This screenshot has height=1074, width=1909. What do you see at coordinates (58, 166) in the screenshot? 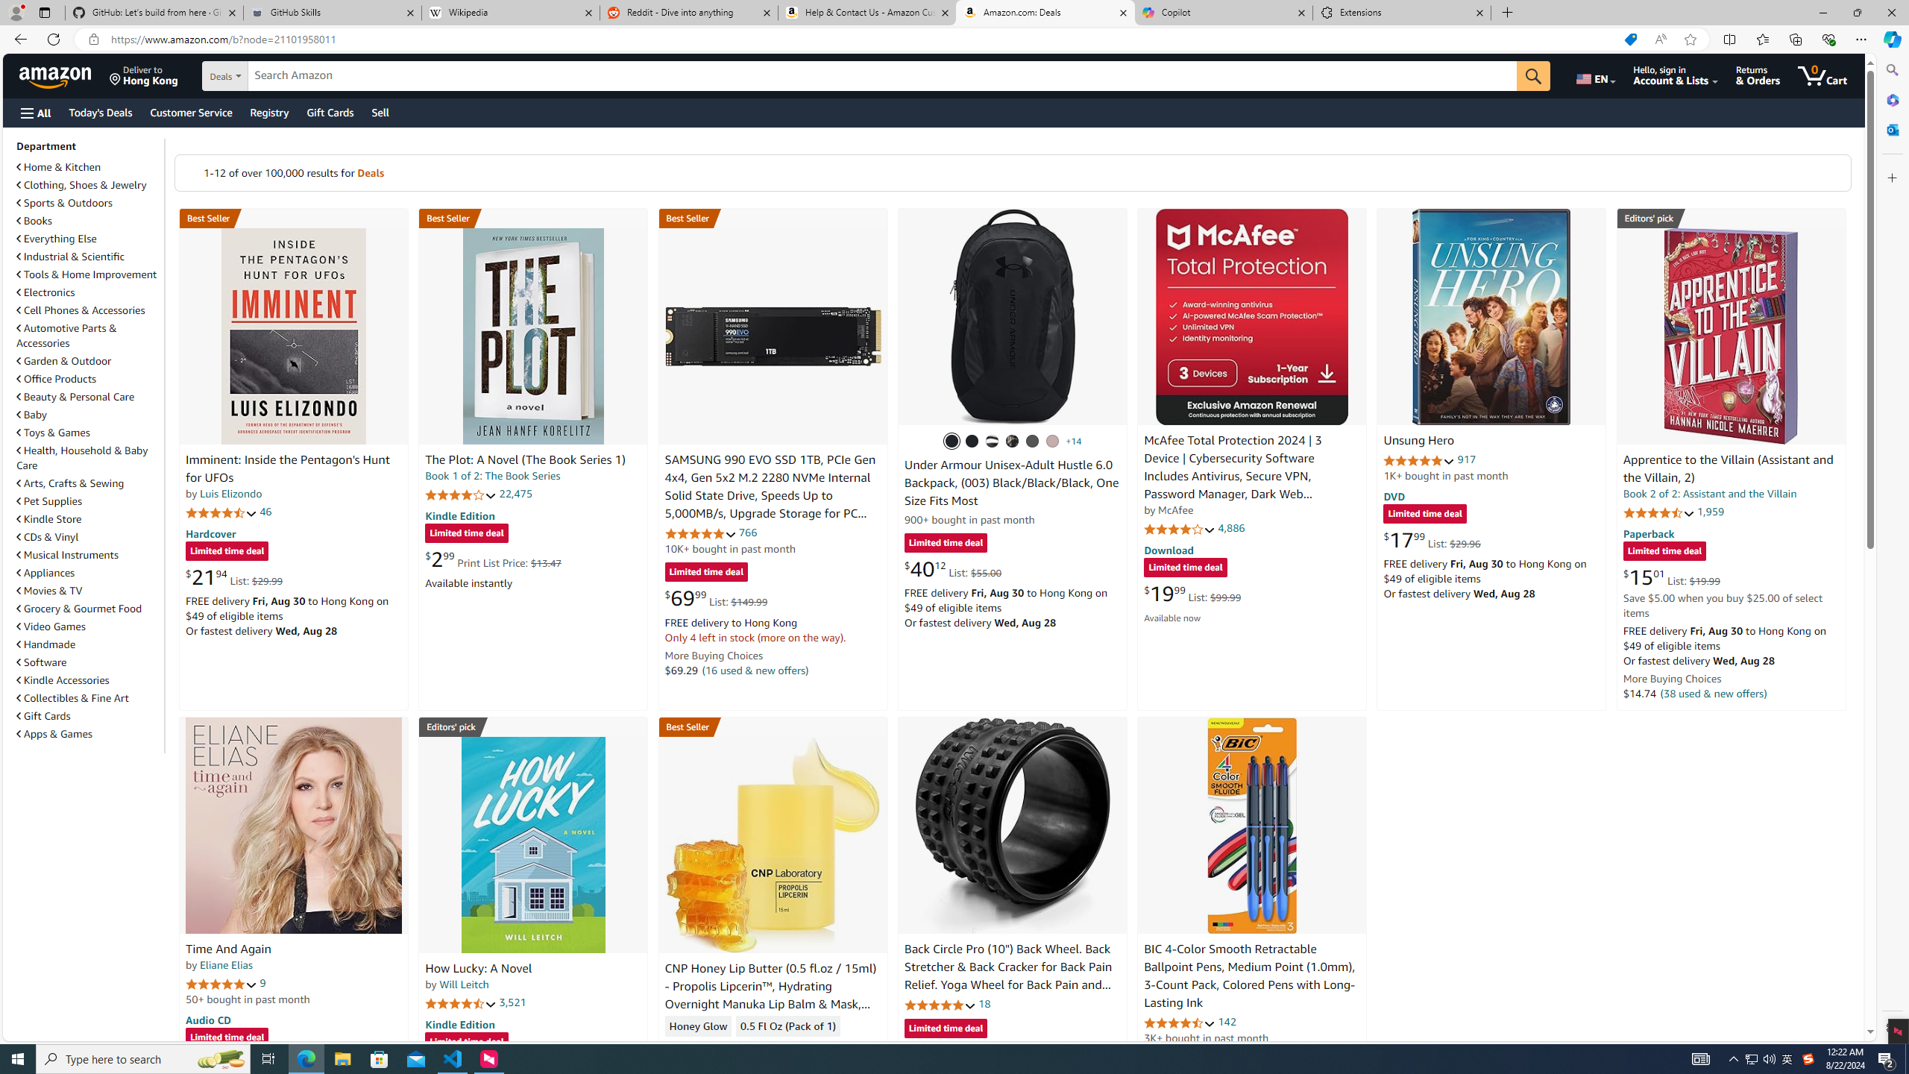
I see `'Home & Kitchen'` at bounding box center [58, 166].